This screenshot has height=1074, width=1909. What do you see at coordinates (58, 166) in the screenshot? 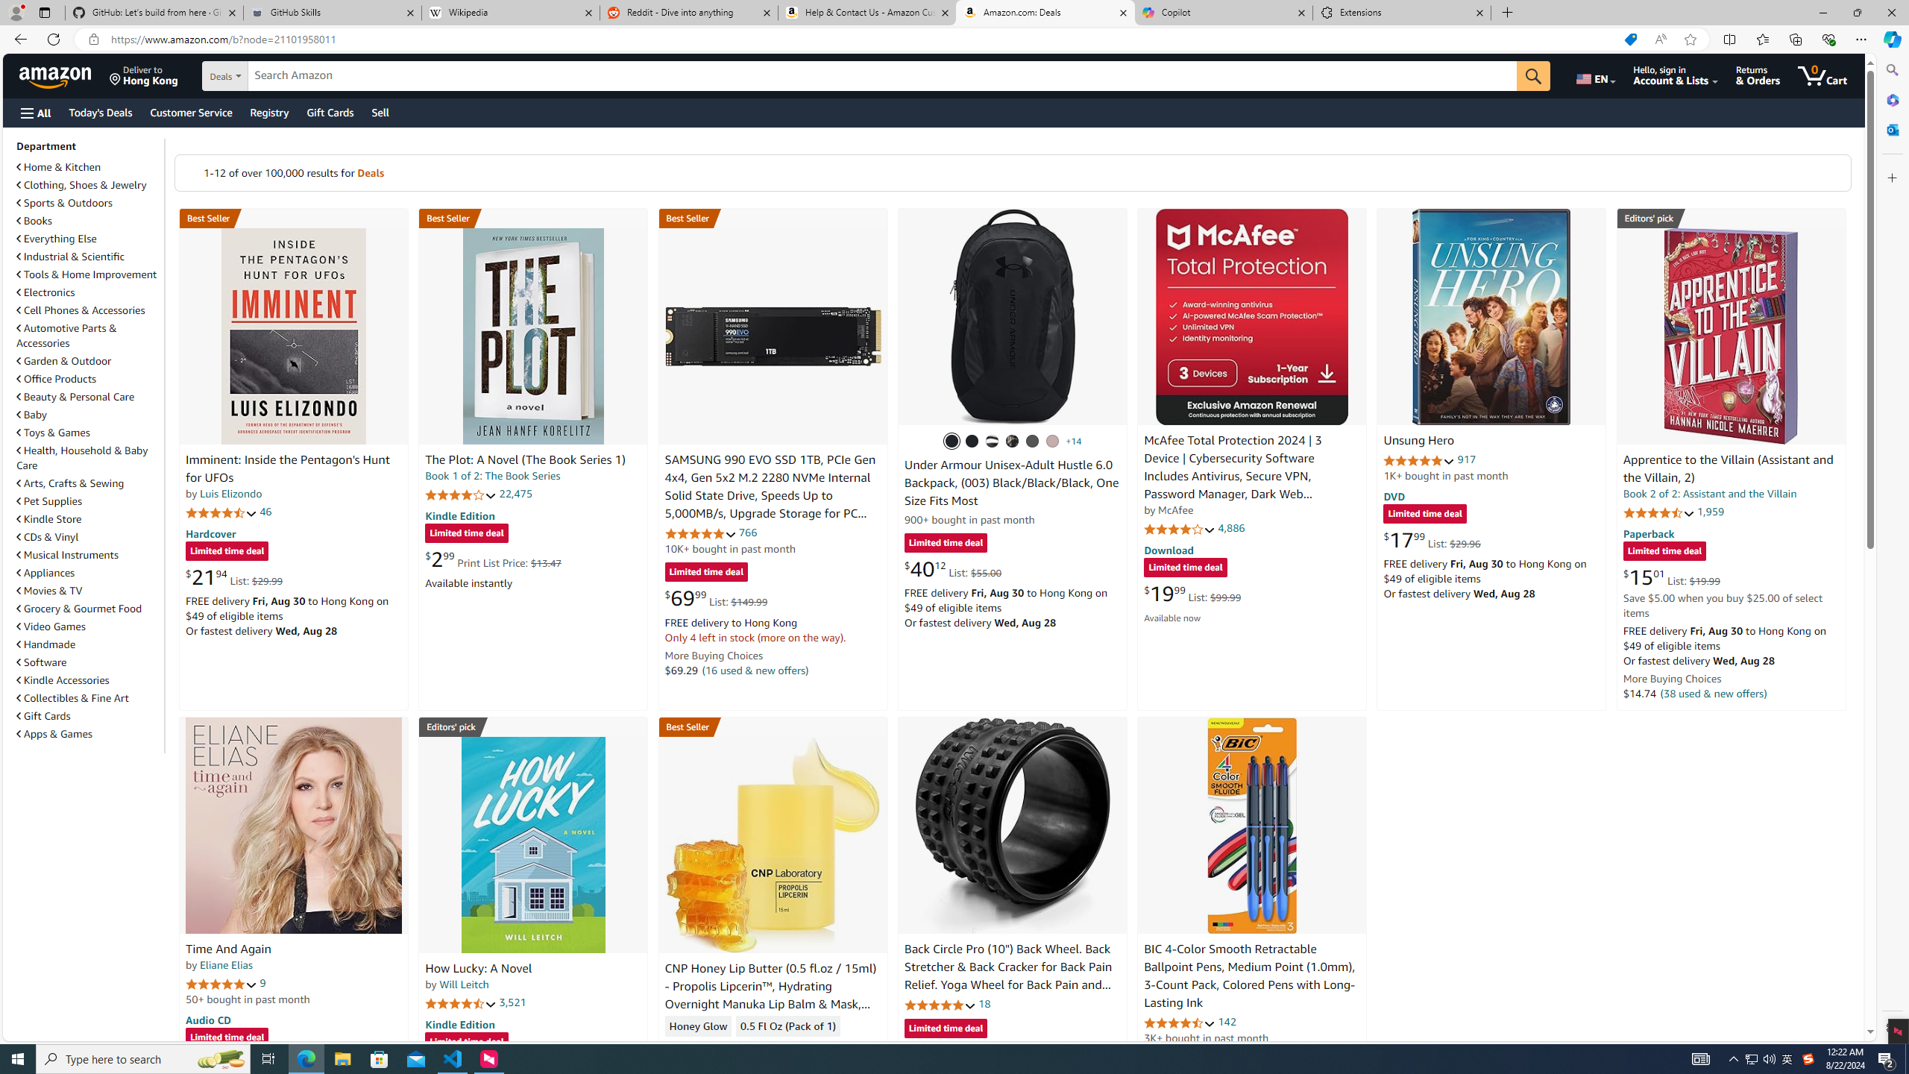
I see `'Home & Kitchen'` at bounding box center [58, 166].